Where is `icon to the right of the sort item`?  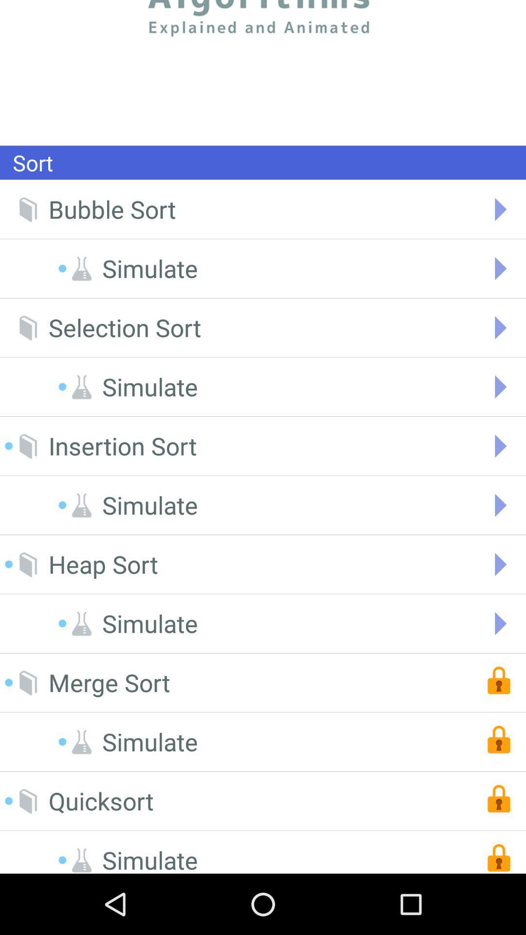 icon to the right of the sort item is located at coordinates (263, 72).